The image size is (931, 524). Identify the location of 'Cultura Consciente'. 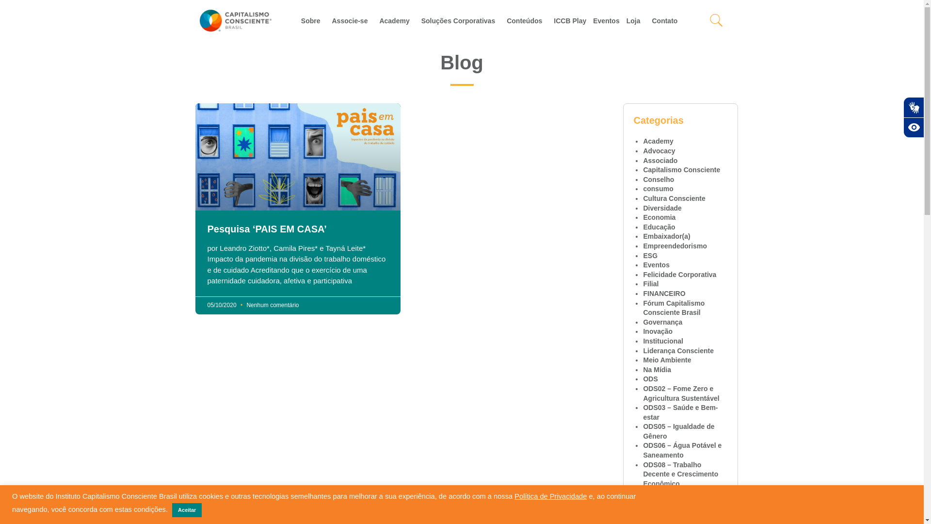
(674, 197).